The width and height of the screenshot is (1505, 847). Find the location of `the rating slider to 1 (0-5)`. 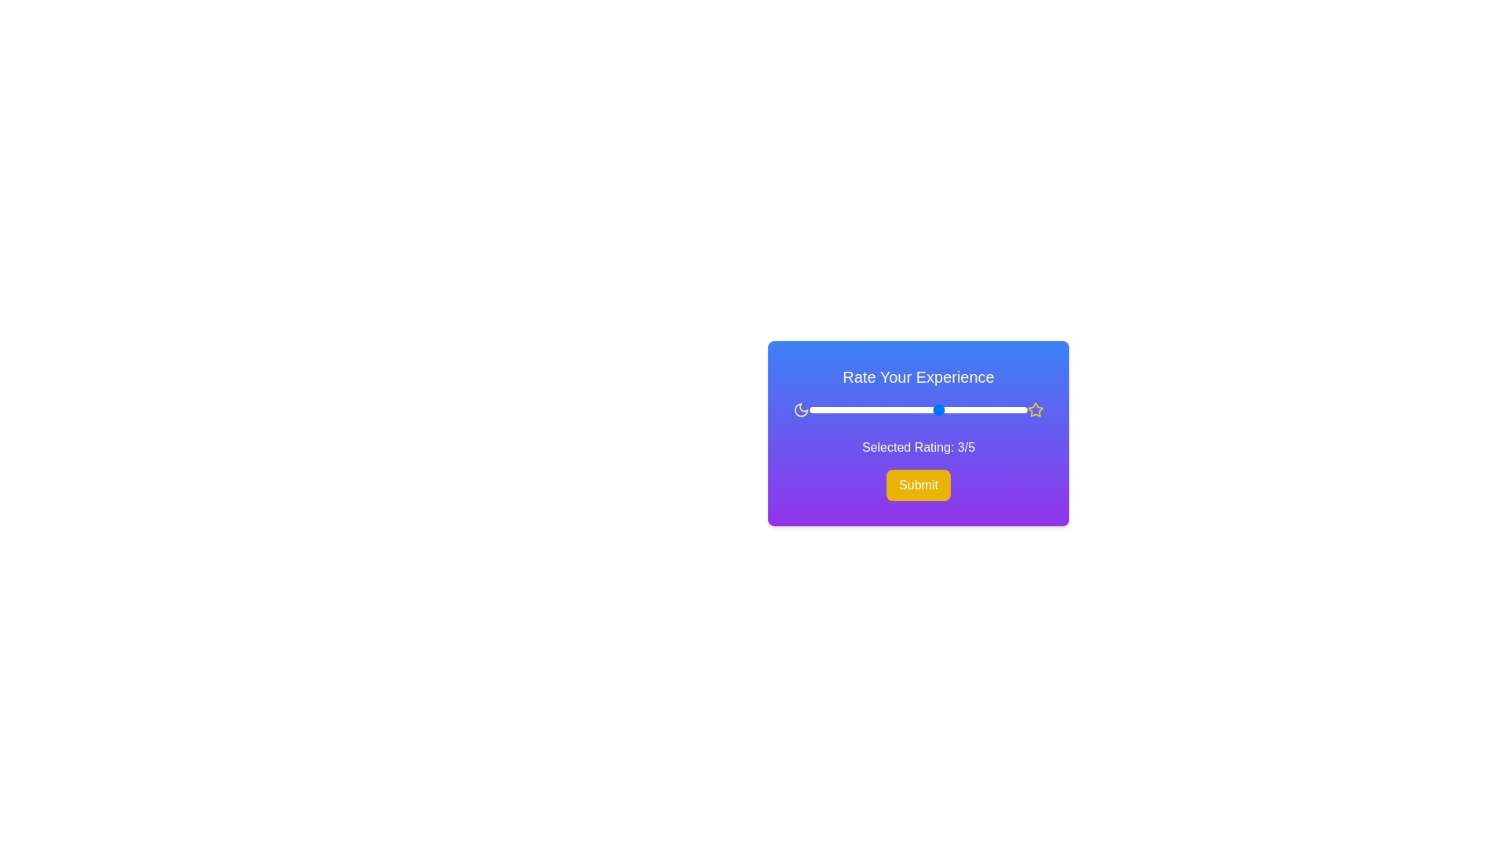

the rating slider to 1 (0-5) is located at coordinates (852, 409).